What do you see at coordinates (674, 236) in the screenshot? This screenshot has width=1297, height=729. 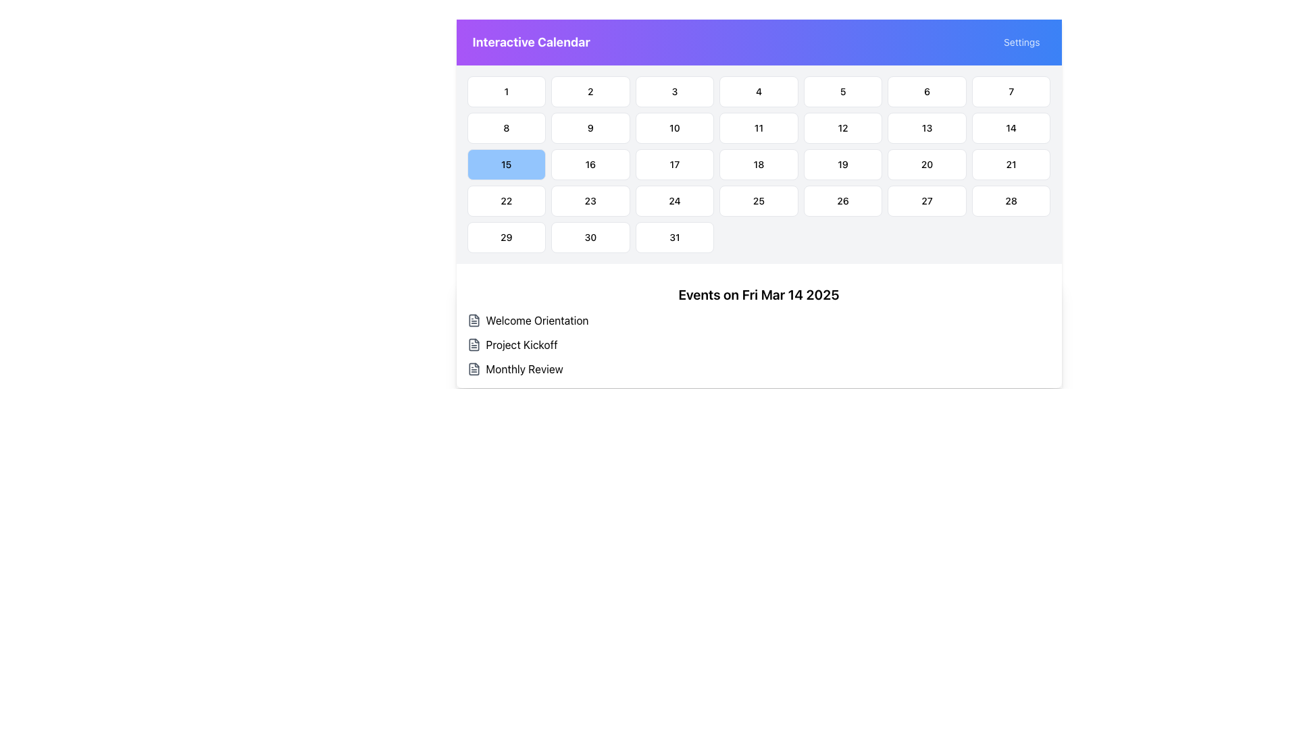 I see `the text element displaying the number '31' located in the last row and last column of the calendar grid` at bounding box center [674, 236].